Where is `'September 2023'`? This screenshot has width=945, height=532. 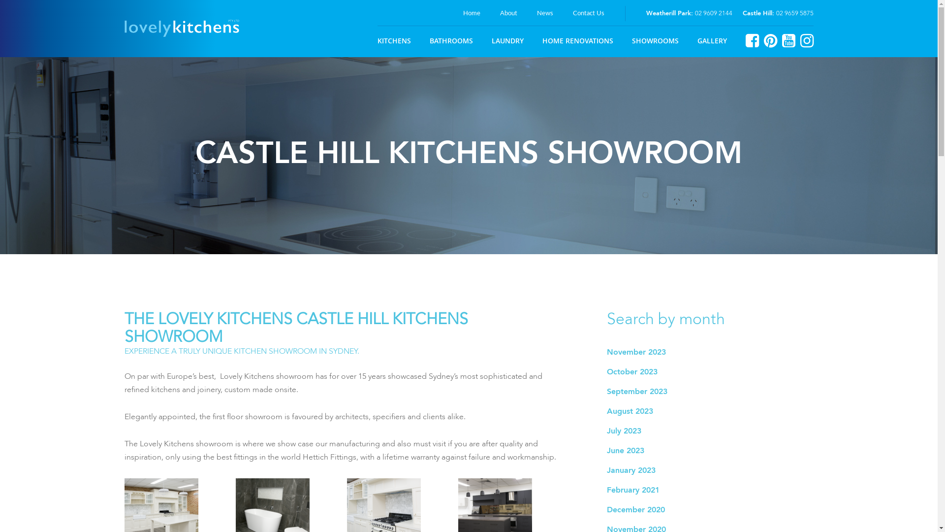 'September 2023' is located at coordinates (636, 391).